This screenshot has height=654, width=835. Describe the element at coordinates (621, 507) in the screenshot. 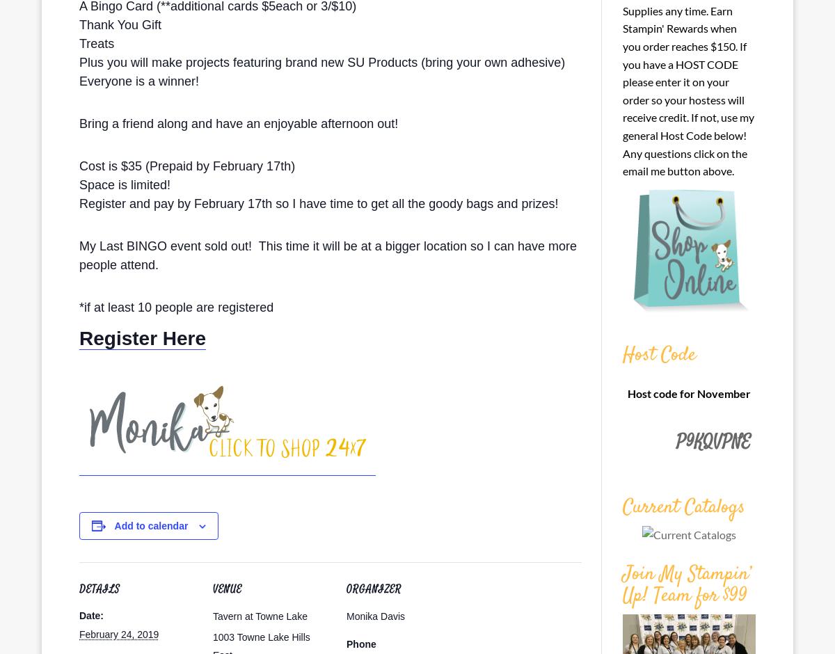

I see `'Current Catalogs'` at that location.